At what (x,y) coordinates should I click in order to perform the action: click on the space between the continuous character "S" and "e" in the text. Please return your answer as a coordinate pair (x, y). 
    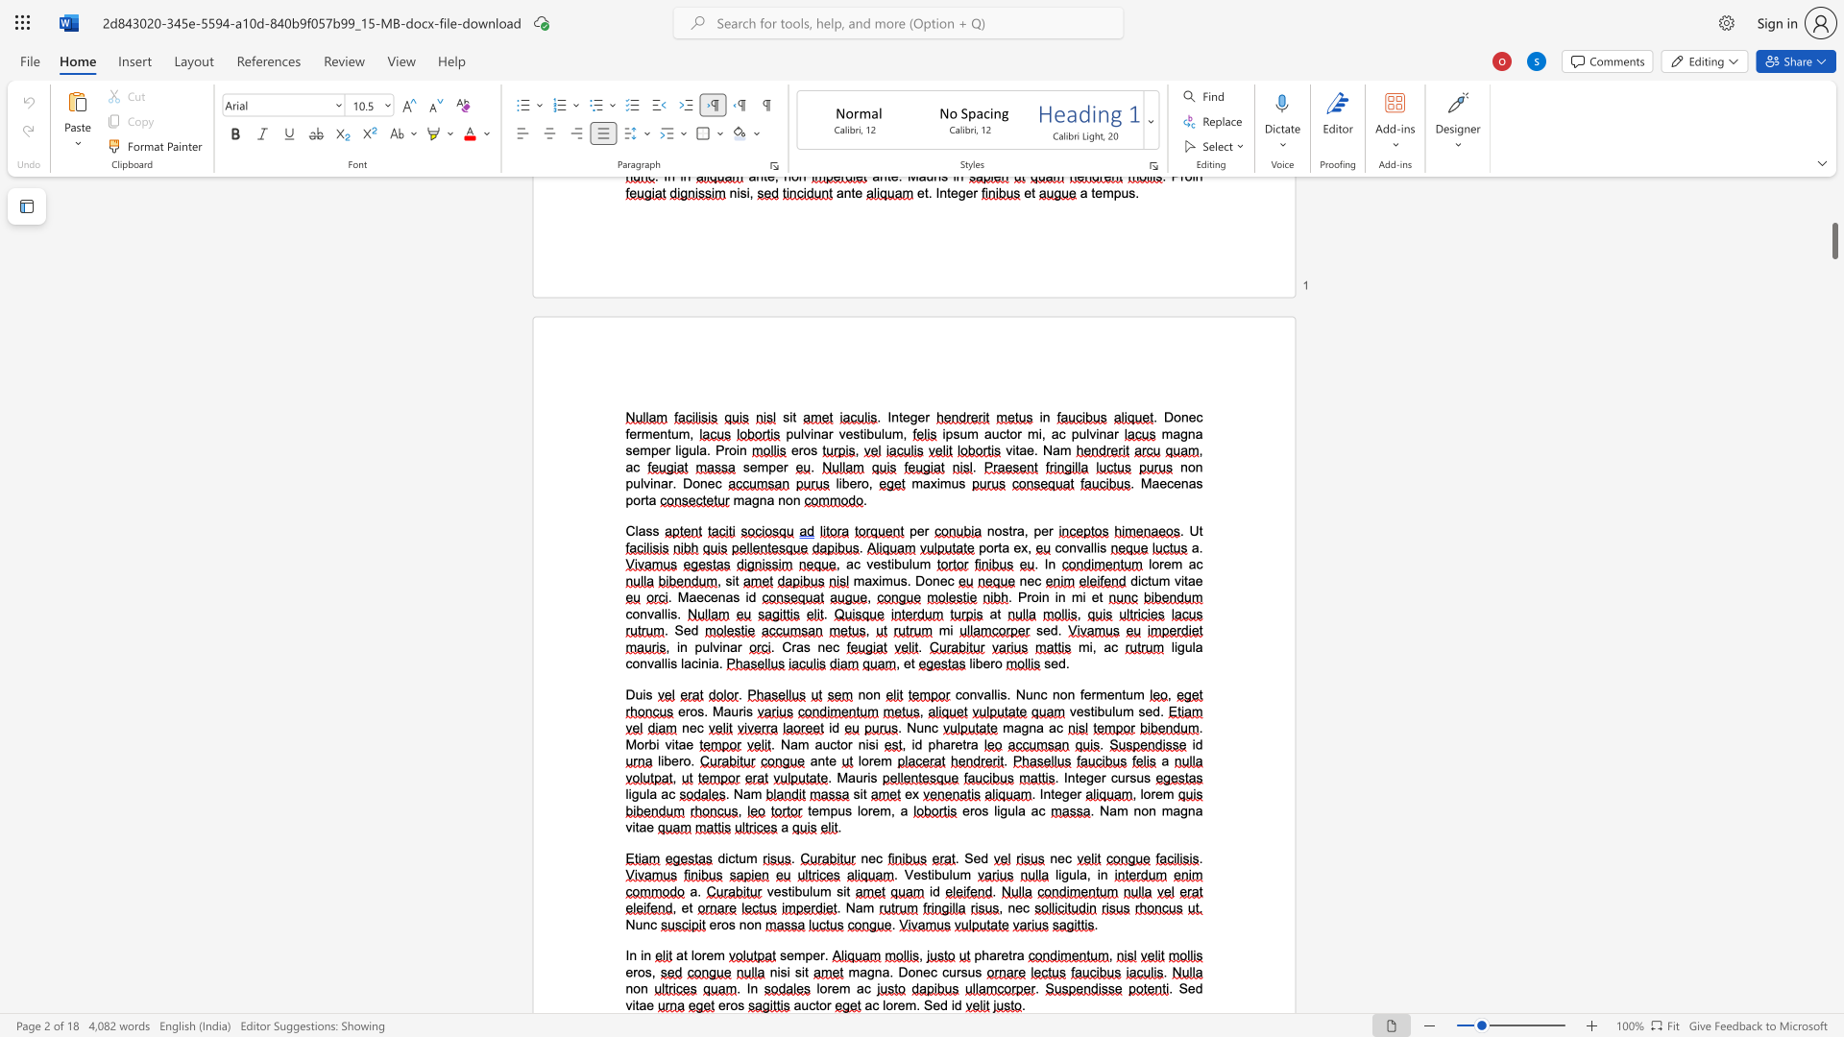
    Looking at the image, I should click on (932, 1004).